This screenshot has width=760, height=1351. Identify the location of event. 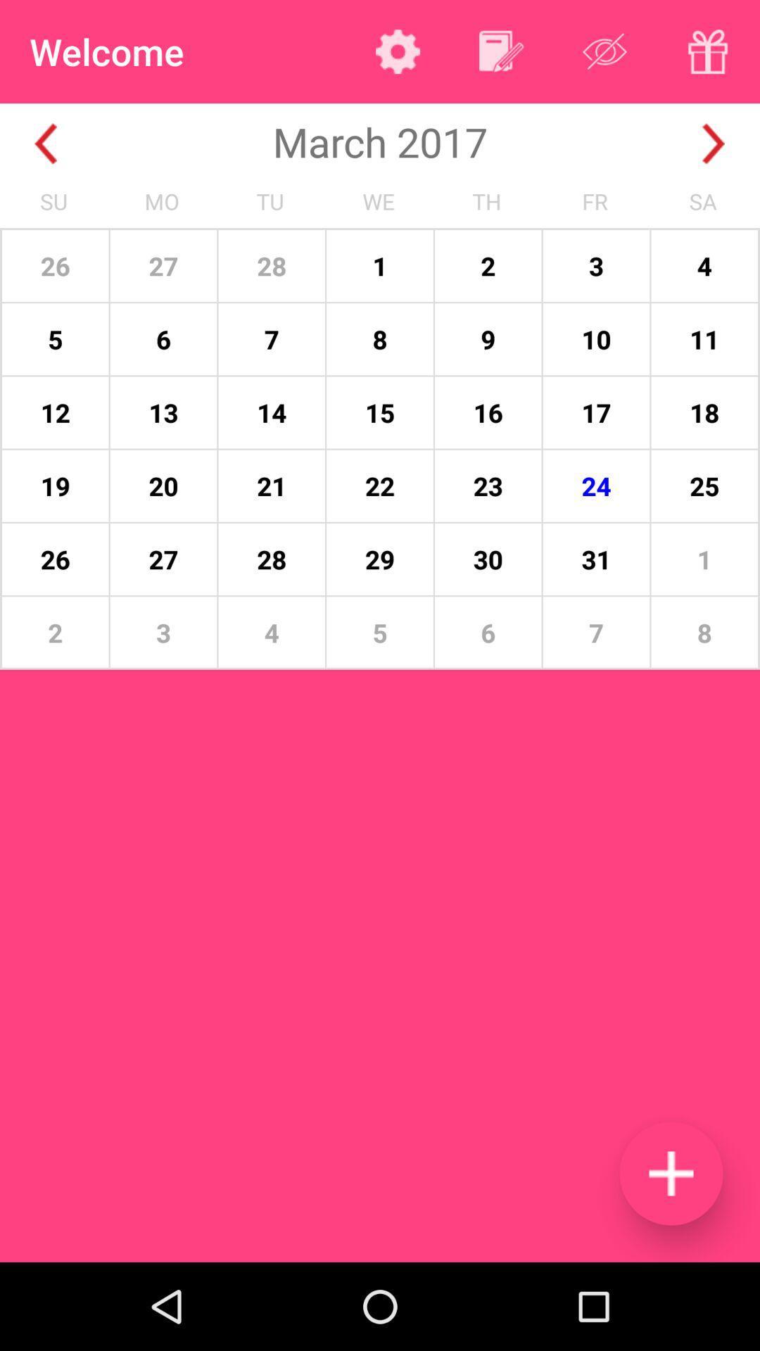
(670, 1173).